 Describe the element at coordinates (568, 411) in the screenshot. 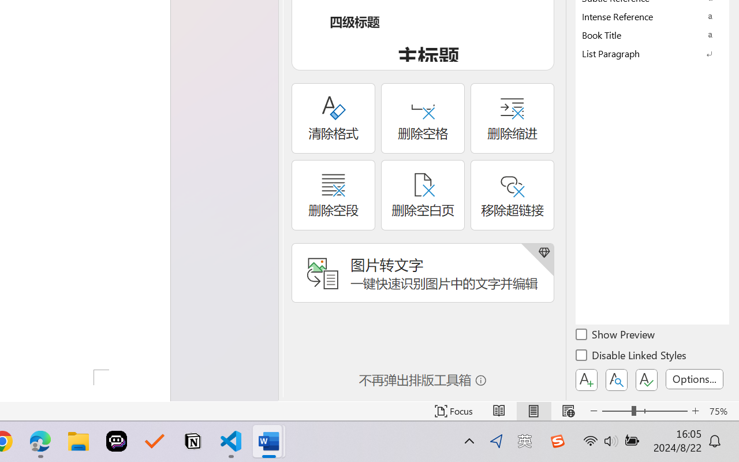

I see `'Web Layout'` at that location.